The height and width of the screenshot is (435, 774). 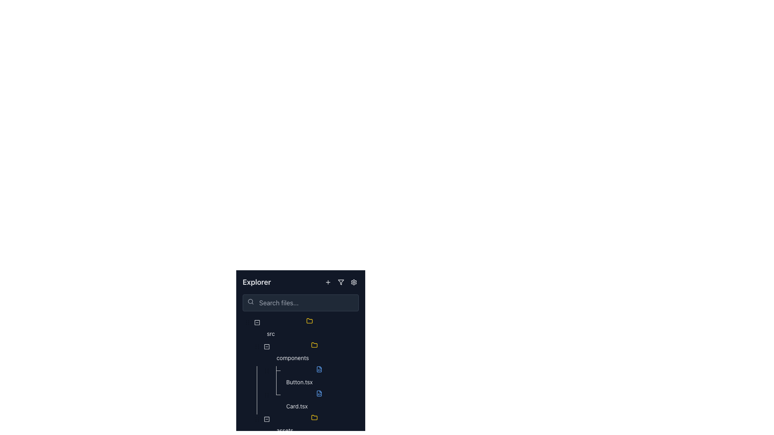 I want to click on the filter icon button located in the top-right corner of the 'Explorer' header section, so click(x=341, y=282).